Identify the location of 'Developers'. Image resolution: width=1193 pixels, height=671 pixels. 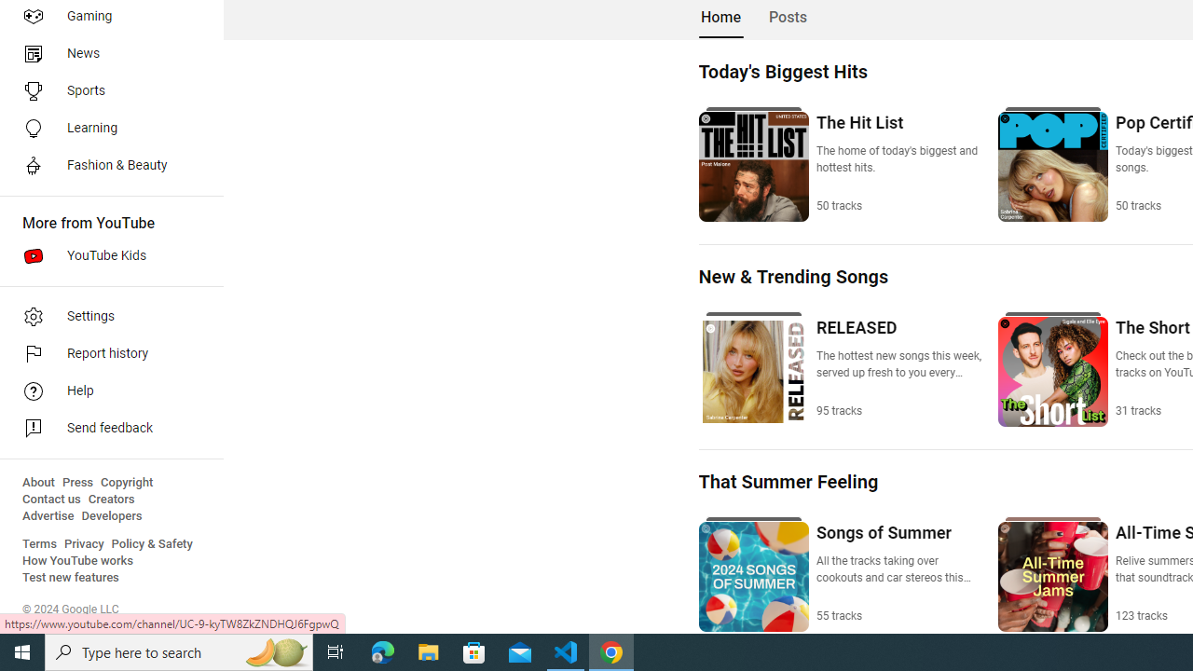
(111, 516).